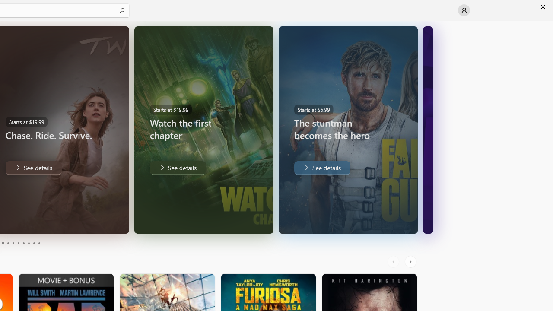 This screenshot has width=553, height=311. I want to click on 'Page 5', so click(13, 243).